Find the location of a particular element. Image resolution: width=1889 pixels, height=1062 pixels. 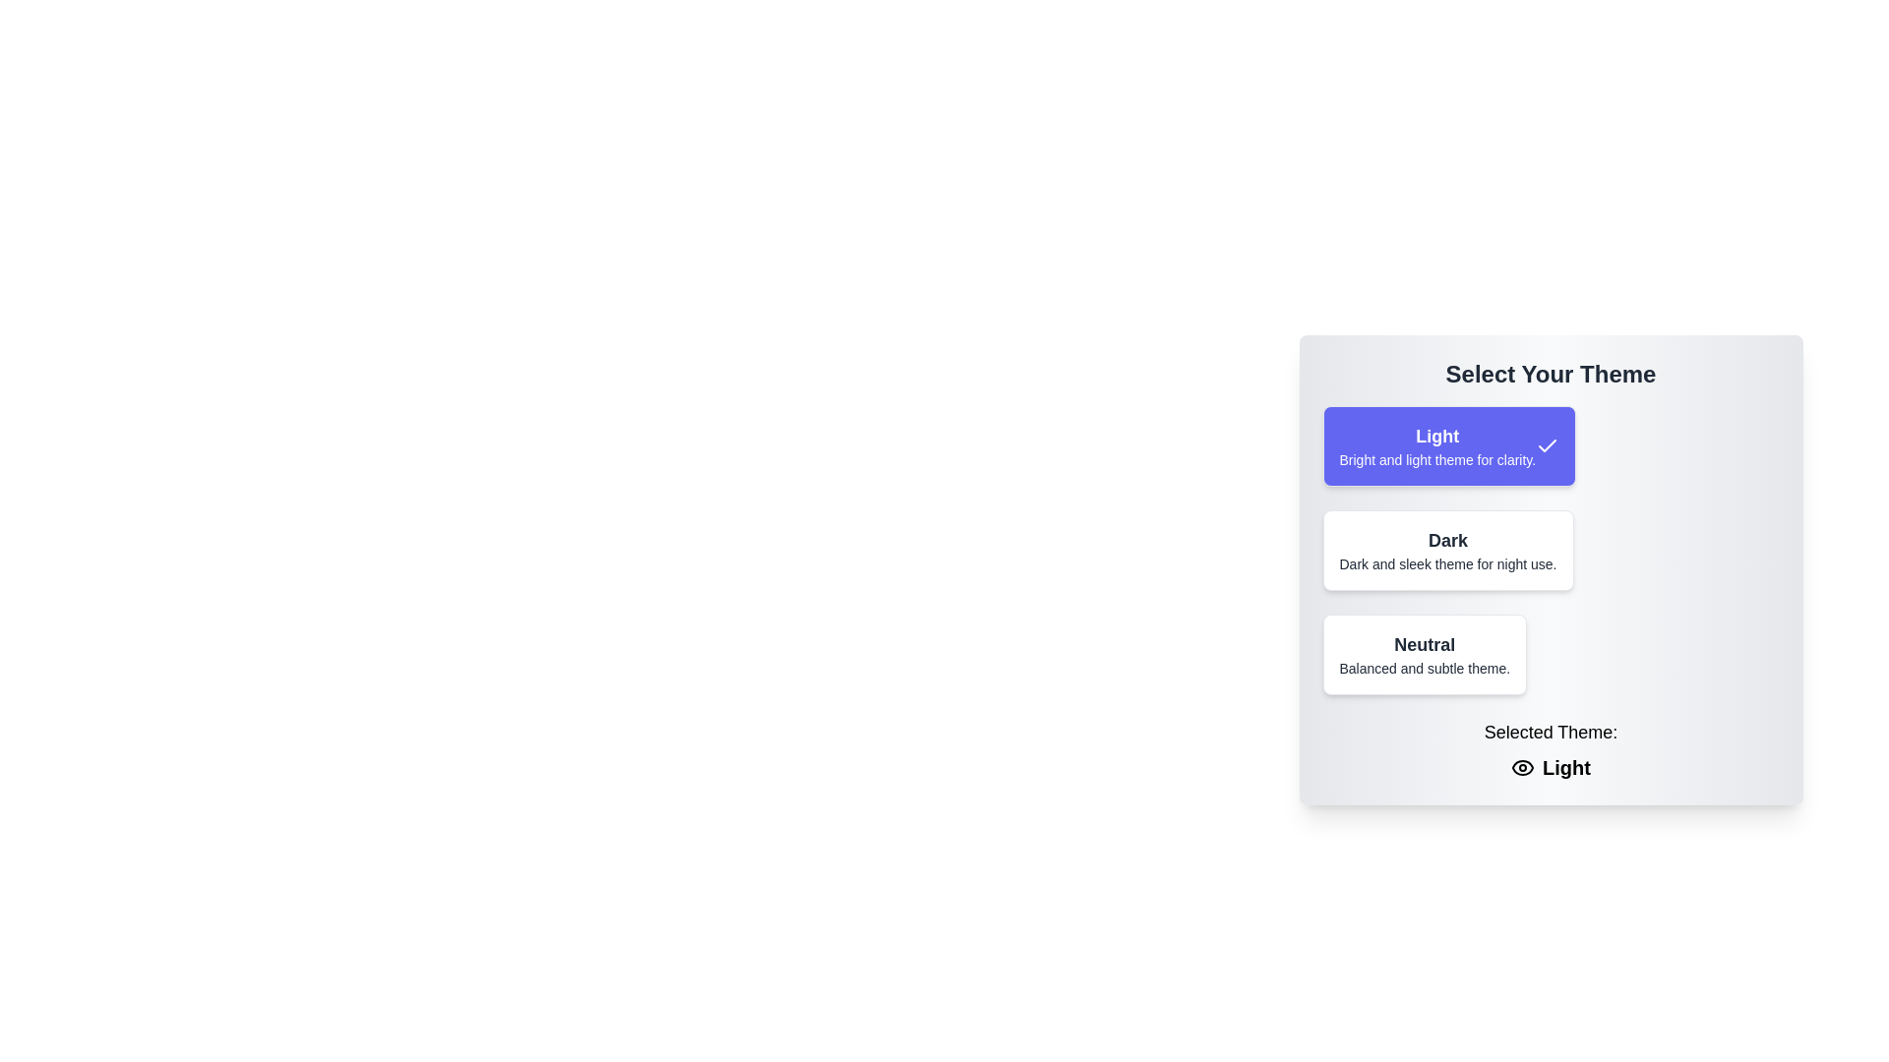

the text label displaying 'Bright and light theme for clarity.', which is styled in a smaller font and located within a highlighted rectangular section under the sibling text 'Light' is located at coordinates (1437, 459).